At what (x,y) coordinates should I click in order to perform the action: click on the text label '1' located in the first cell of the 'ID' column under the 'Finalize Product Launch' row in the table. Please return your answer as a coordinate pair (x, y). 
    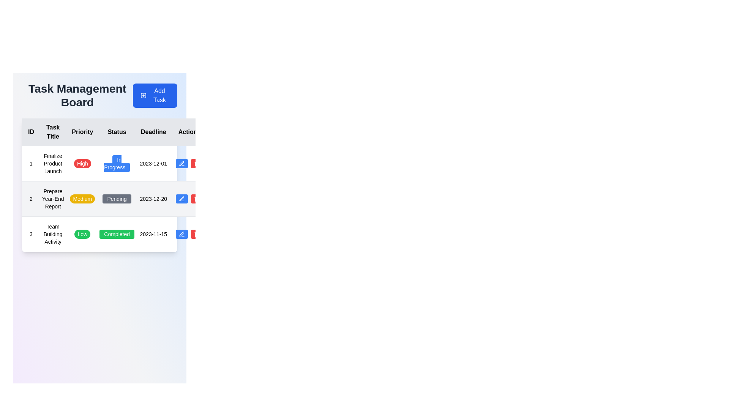
    Looking at the image, I should click on (30, 163).